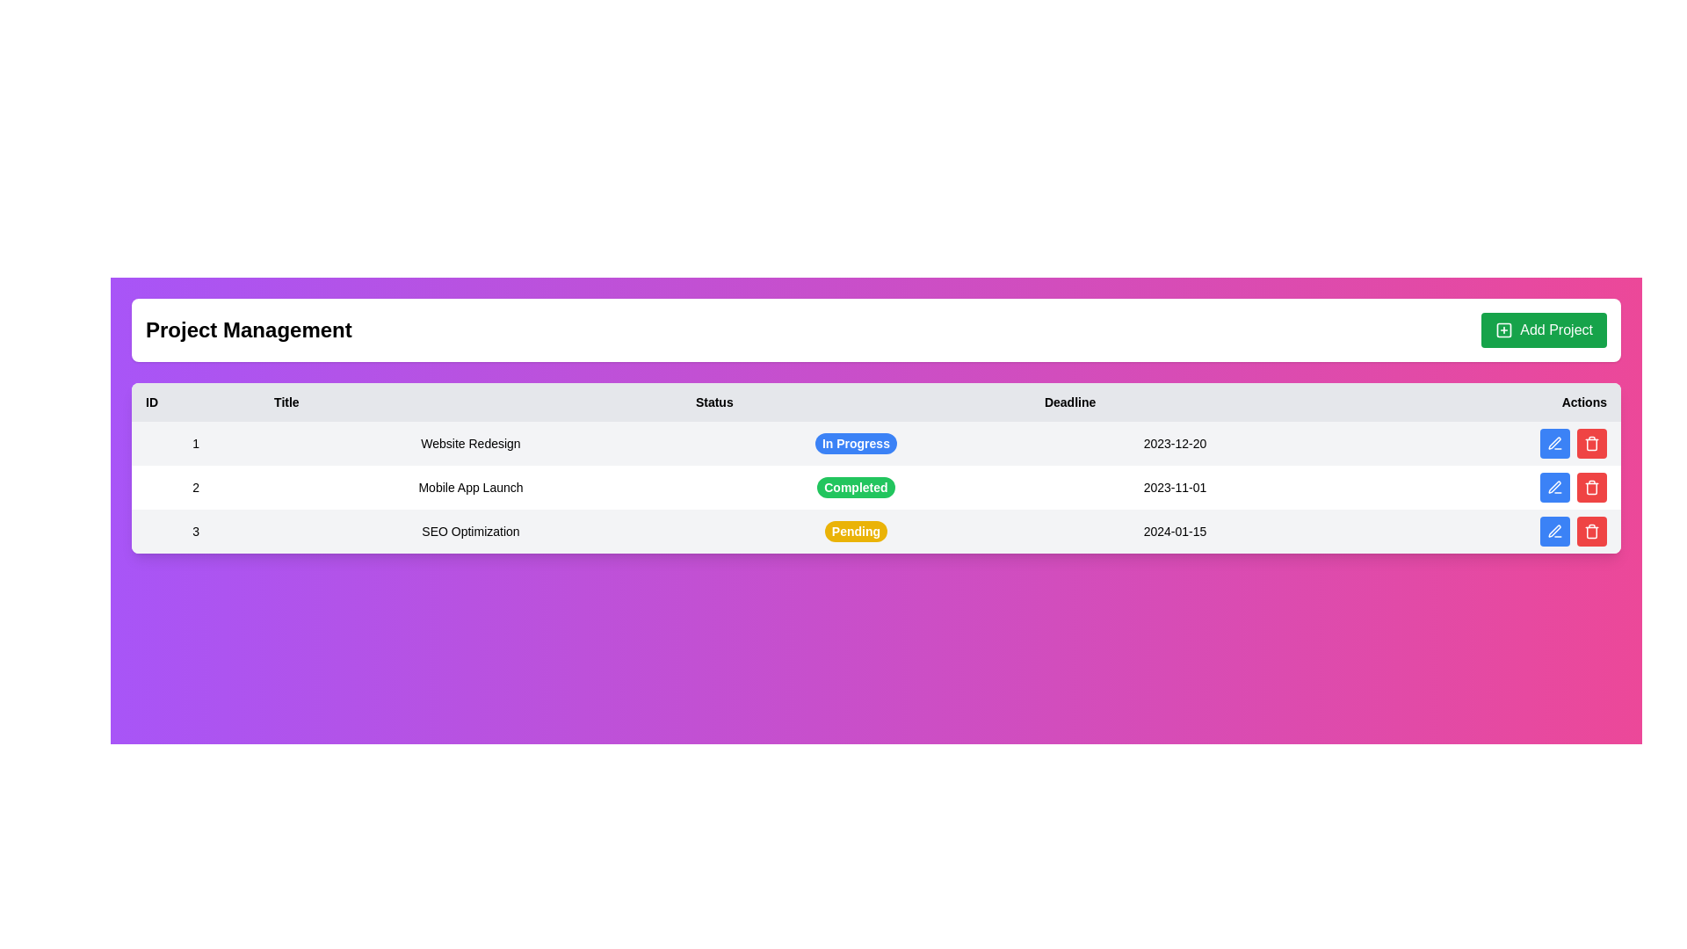  Describe the element at coordinates (1591, 532) in the screenshot. I see `the central part of the trash icon representing the deletion action in the 'Actions' column of the third row for the 'SEO Optimization' project` at that location.